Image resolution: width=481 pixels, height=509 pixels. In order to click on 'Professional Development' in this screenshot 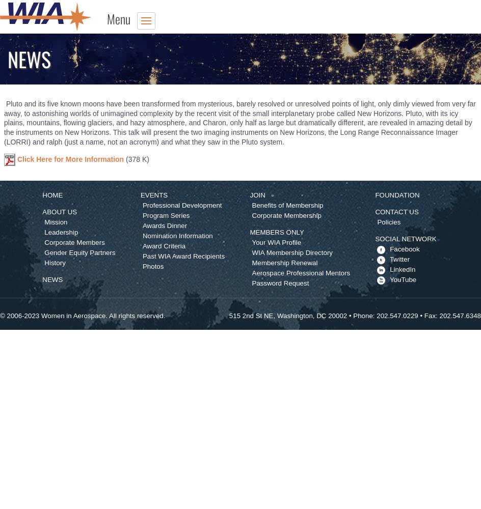, I will do `click(142, 205)`.